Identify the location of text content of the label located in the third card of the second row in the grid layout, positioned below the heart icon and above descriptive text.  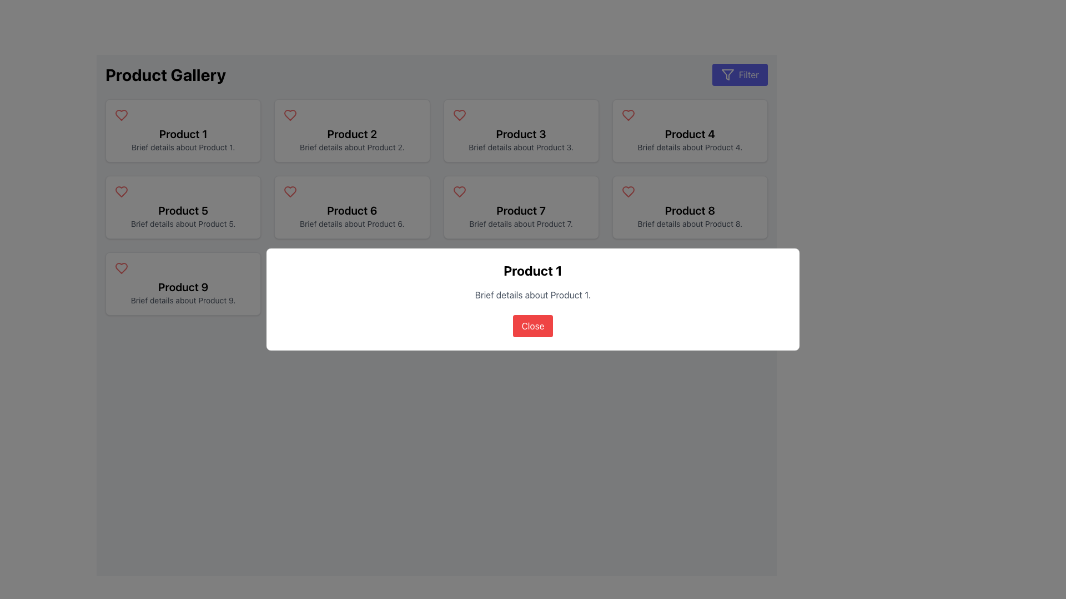
(520, 211).